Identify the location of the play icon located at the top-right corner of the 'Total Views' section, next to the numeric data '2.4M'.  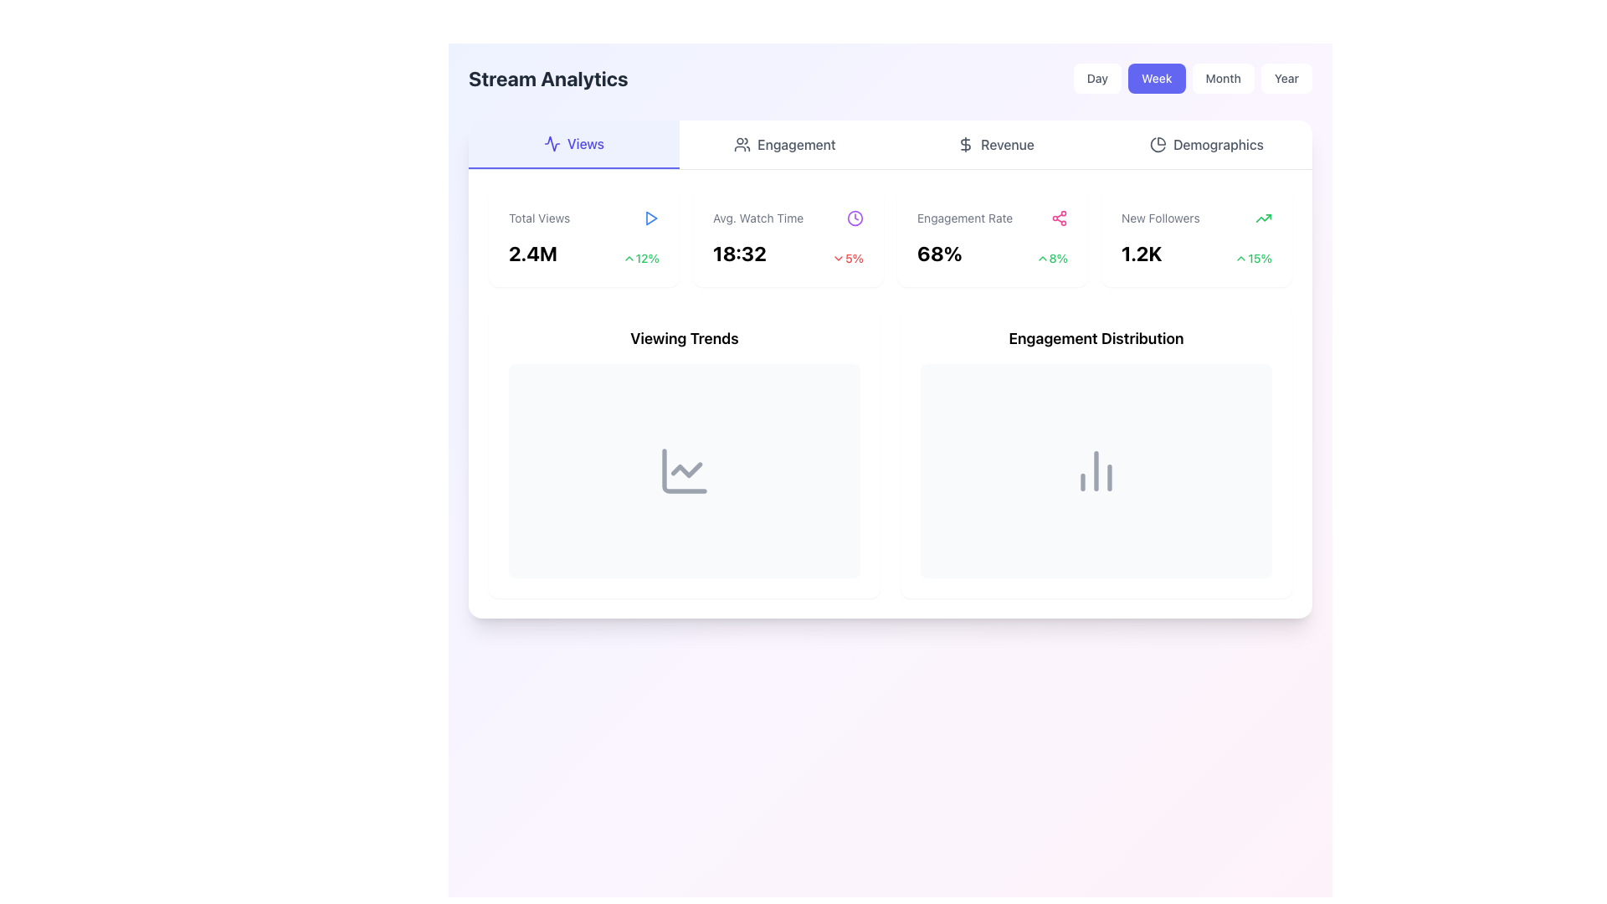
(649, 218).